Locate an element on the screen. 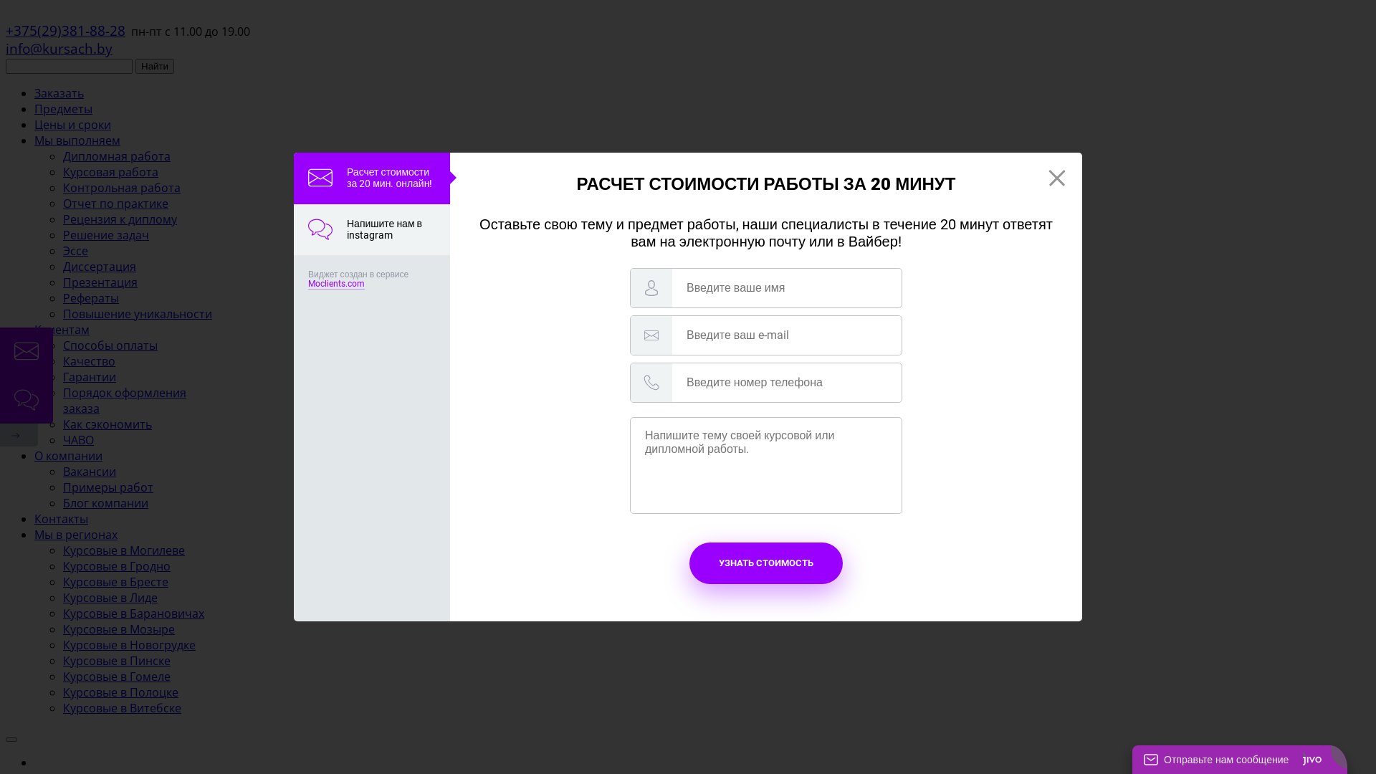 The height and width of the screenshot is (774, 1376). 'info@kursach.by' is located at coordinates (58, 47).